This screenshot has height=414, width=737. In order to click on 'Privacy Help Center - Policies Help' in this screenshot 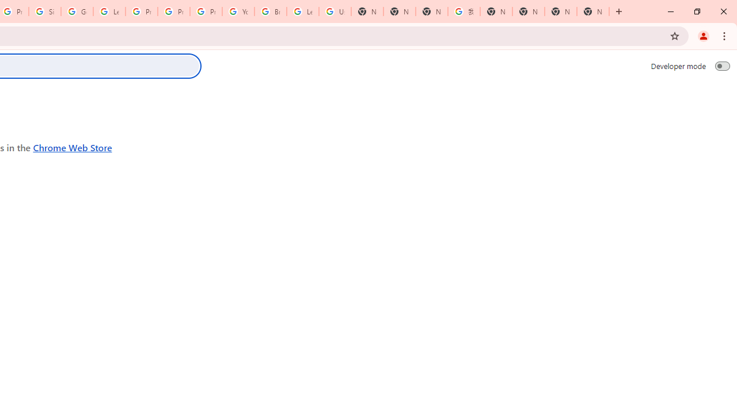, I will do `click(140, 11)`.